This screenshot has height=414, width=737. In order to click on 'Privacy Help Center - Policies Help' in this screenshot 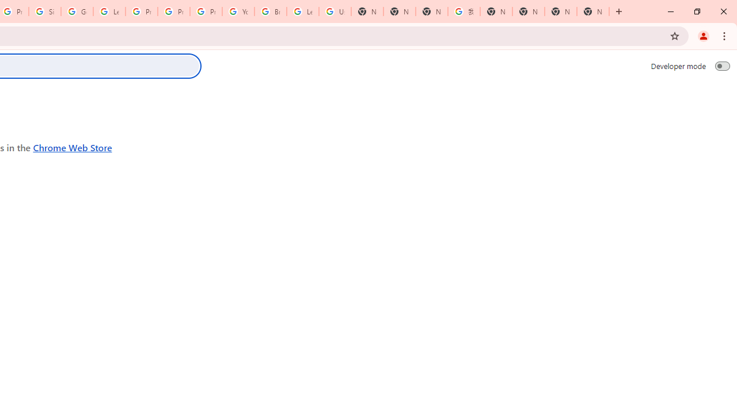, I will do `click(140, 11)`.